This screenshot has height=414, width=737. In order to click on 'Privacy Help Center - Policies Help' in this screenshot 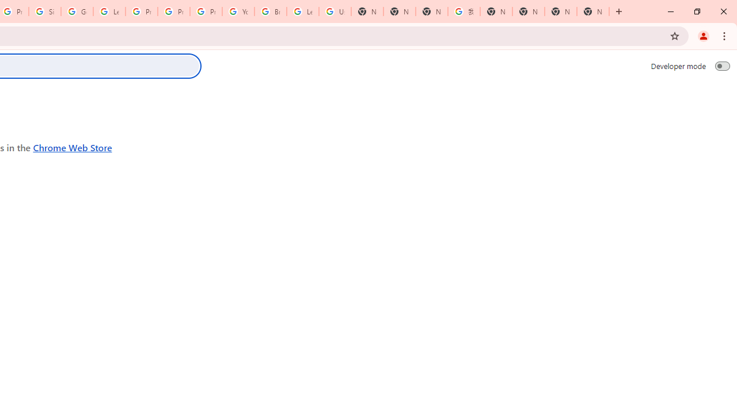, I will do `click(140, 11)`.